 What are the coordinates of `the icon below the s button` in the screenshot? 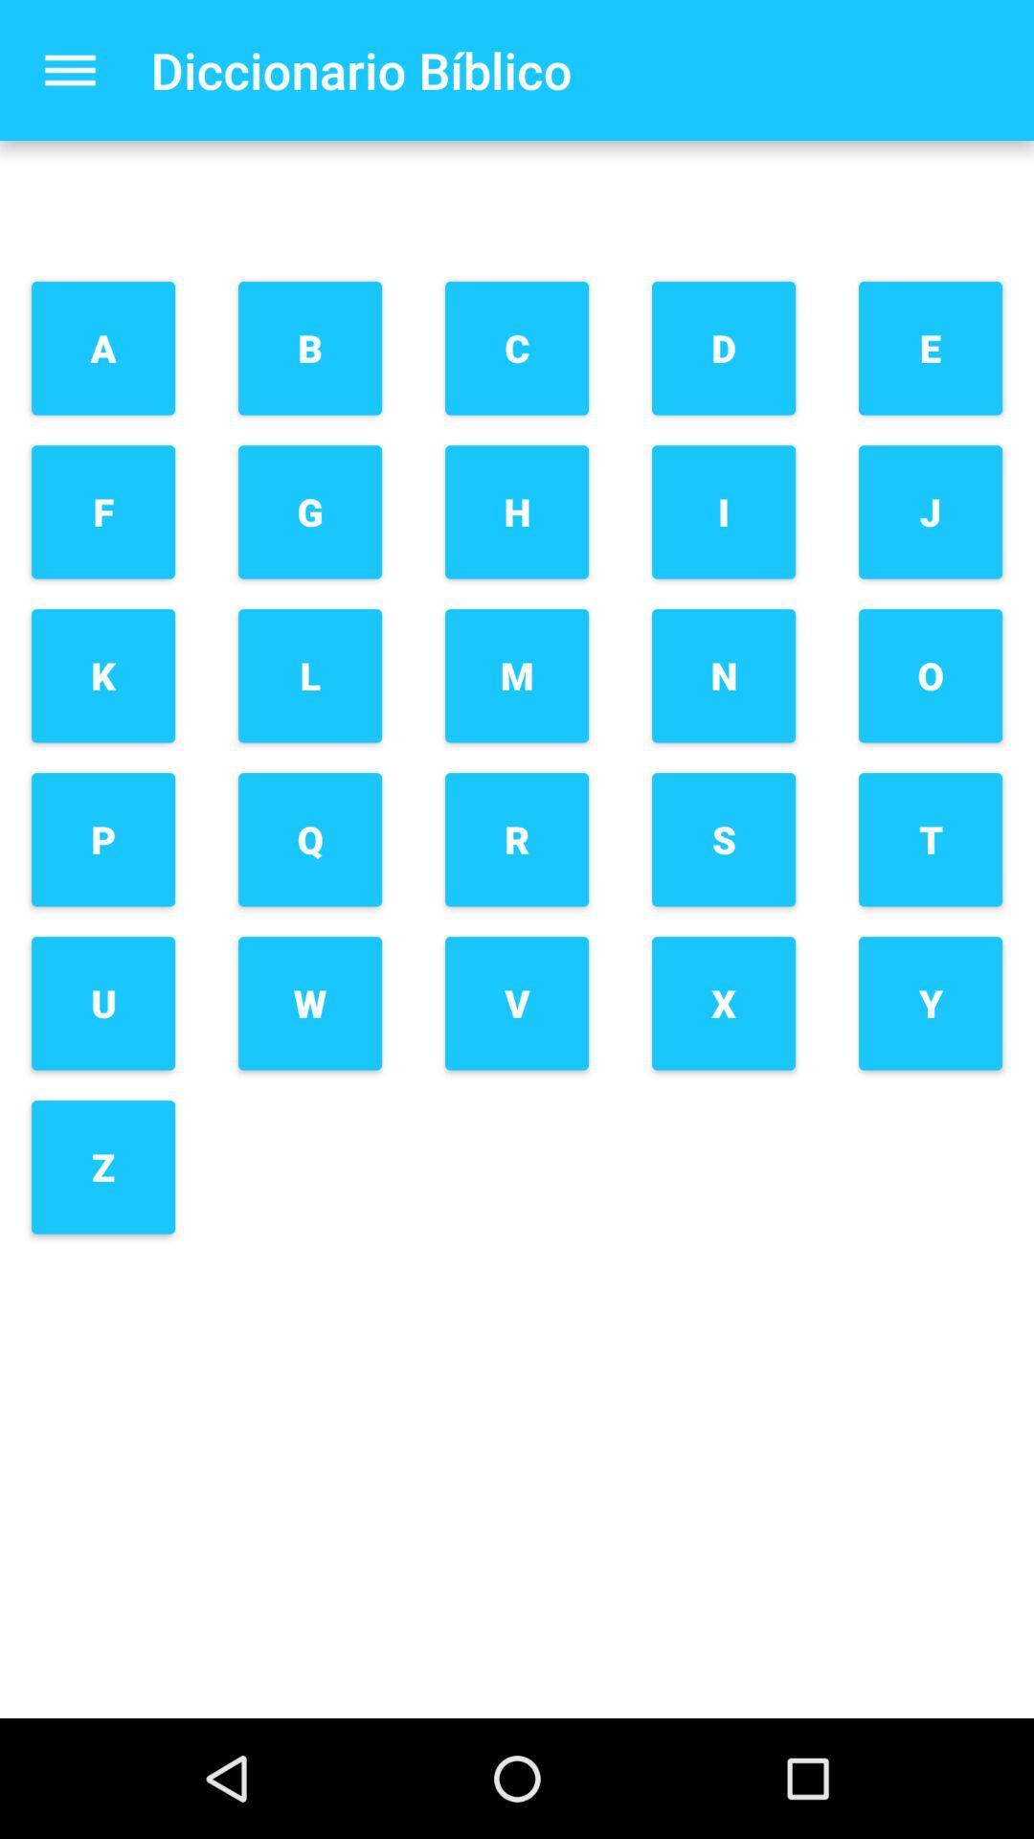 It's located at (724, 1002).